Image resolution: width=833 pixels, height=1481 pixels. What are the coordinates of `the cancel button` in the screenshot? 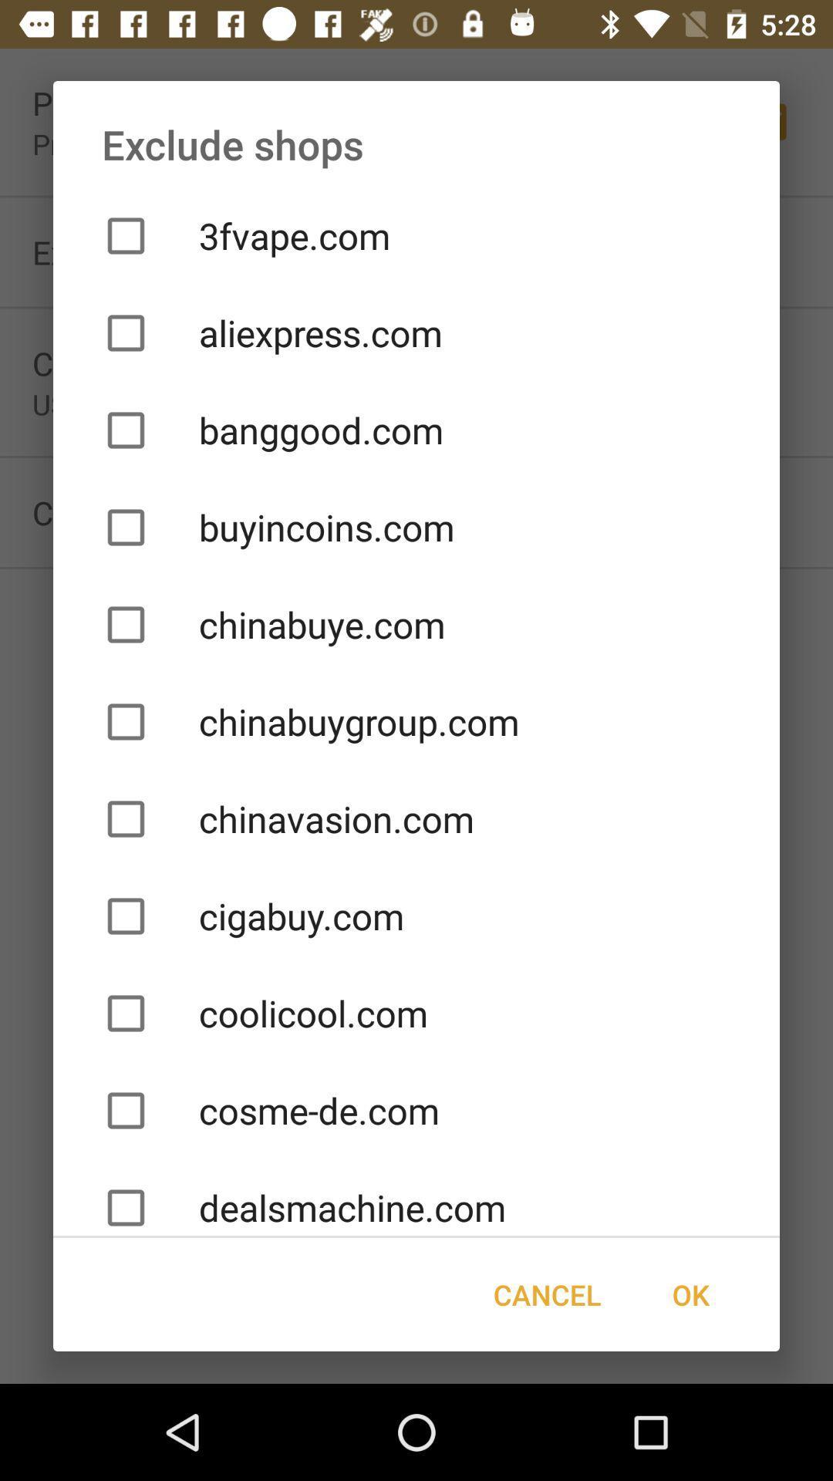 It's located at (546, 1294).